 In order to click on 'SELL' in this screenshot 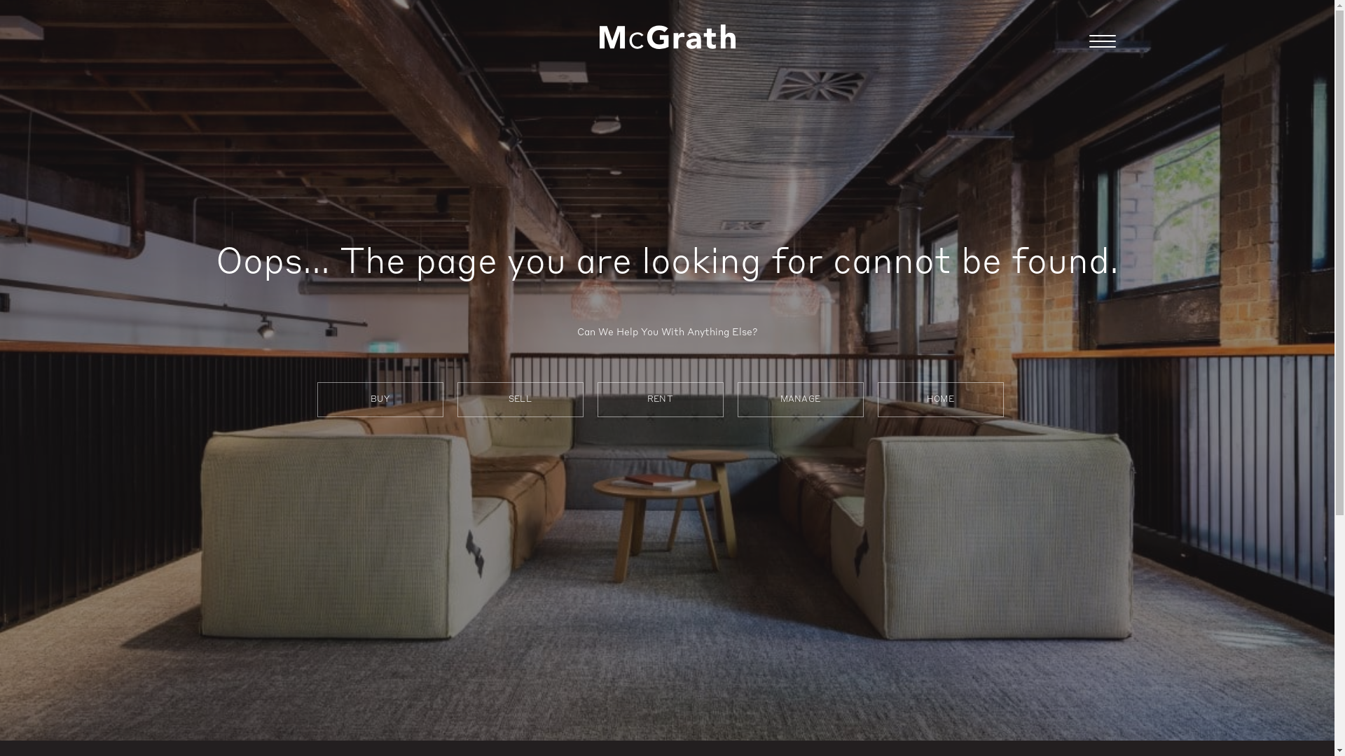, I will do `click(519, 399)`.